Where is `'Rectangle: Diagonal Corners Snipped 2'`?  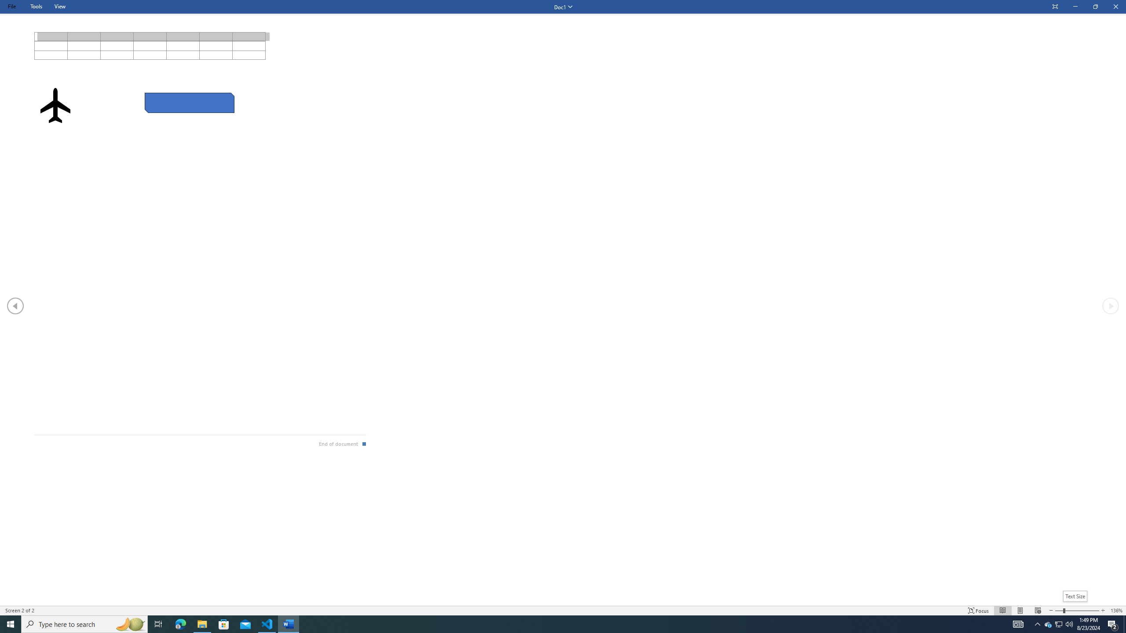 'Rectangle: Diagonal Corners Snipped 2' is located at coordinates (190, 102).